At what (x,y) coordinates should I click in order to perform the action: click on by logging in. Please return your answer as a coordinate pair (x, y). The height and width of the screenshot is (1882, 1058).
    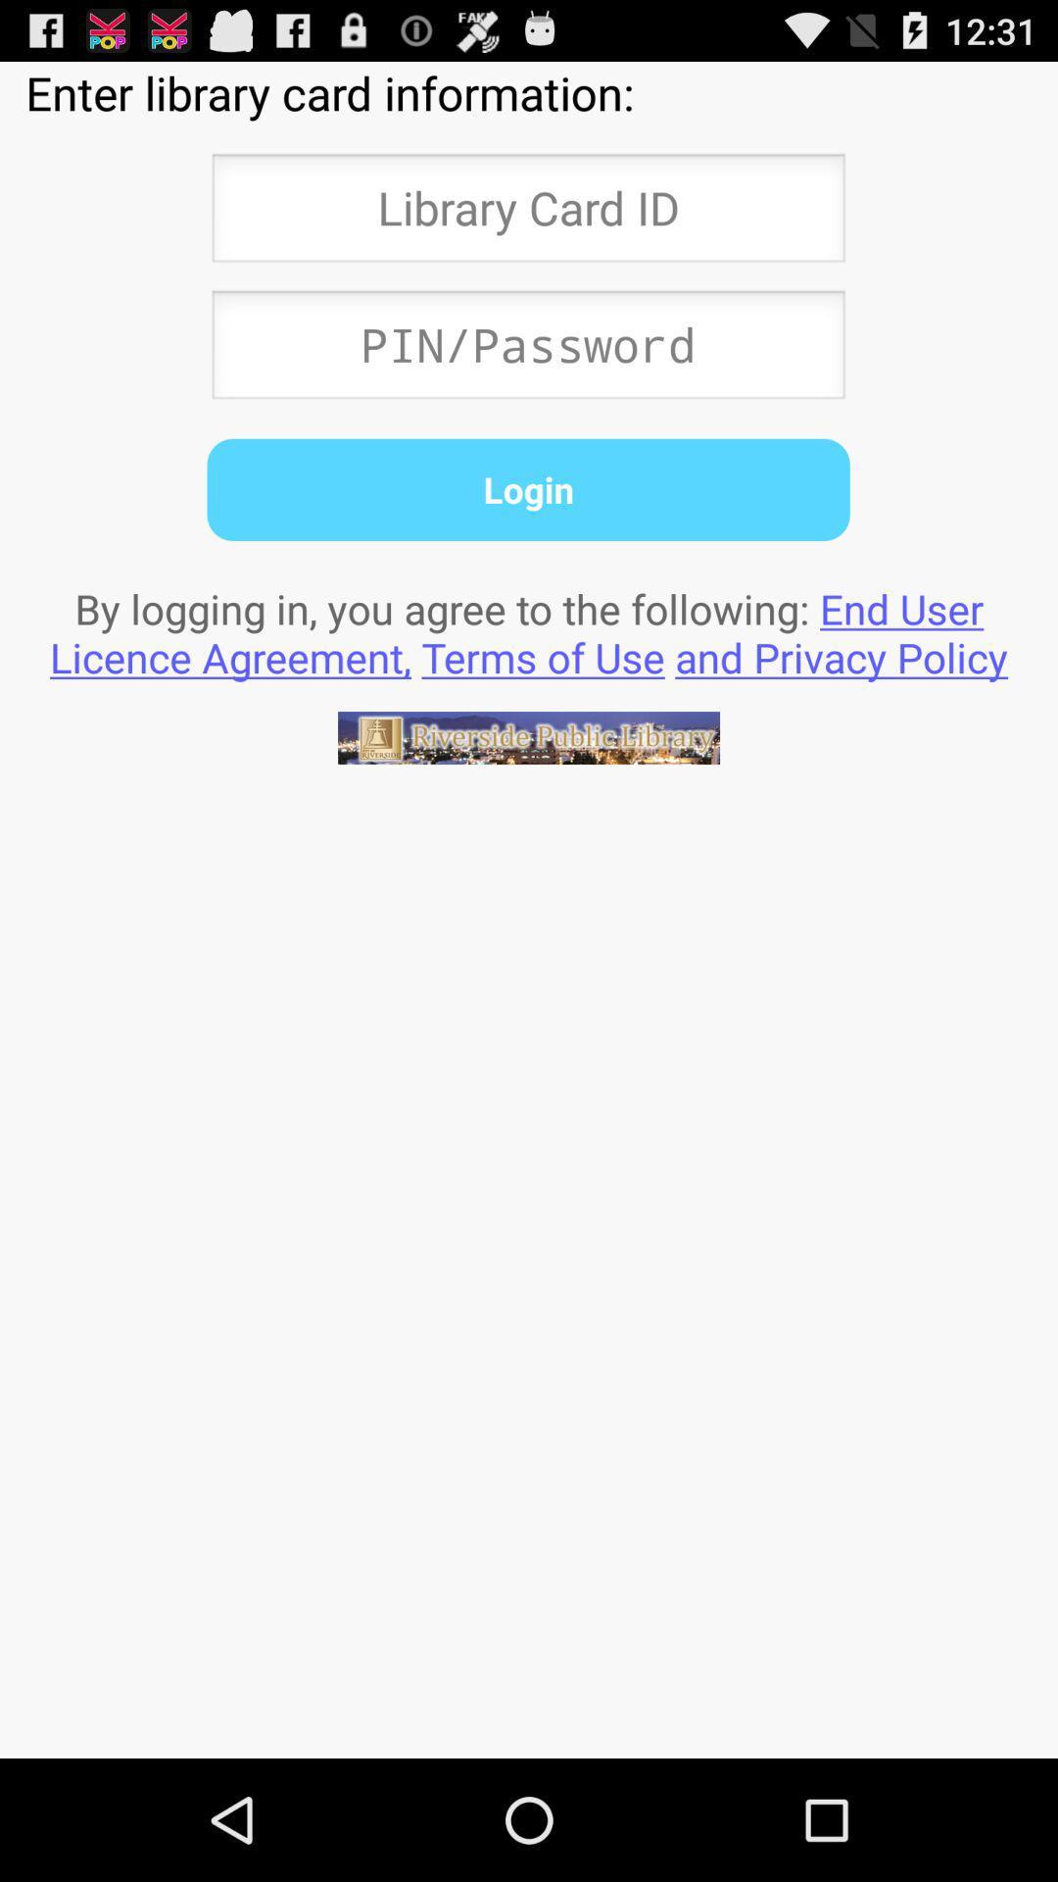
    Looking at the image, I should click on (529, 632).